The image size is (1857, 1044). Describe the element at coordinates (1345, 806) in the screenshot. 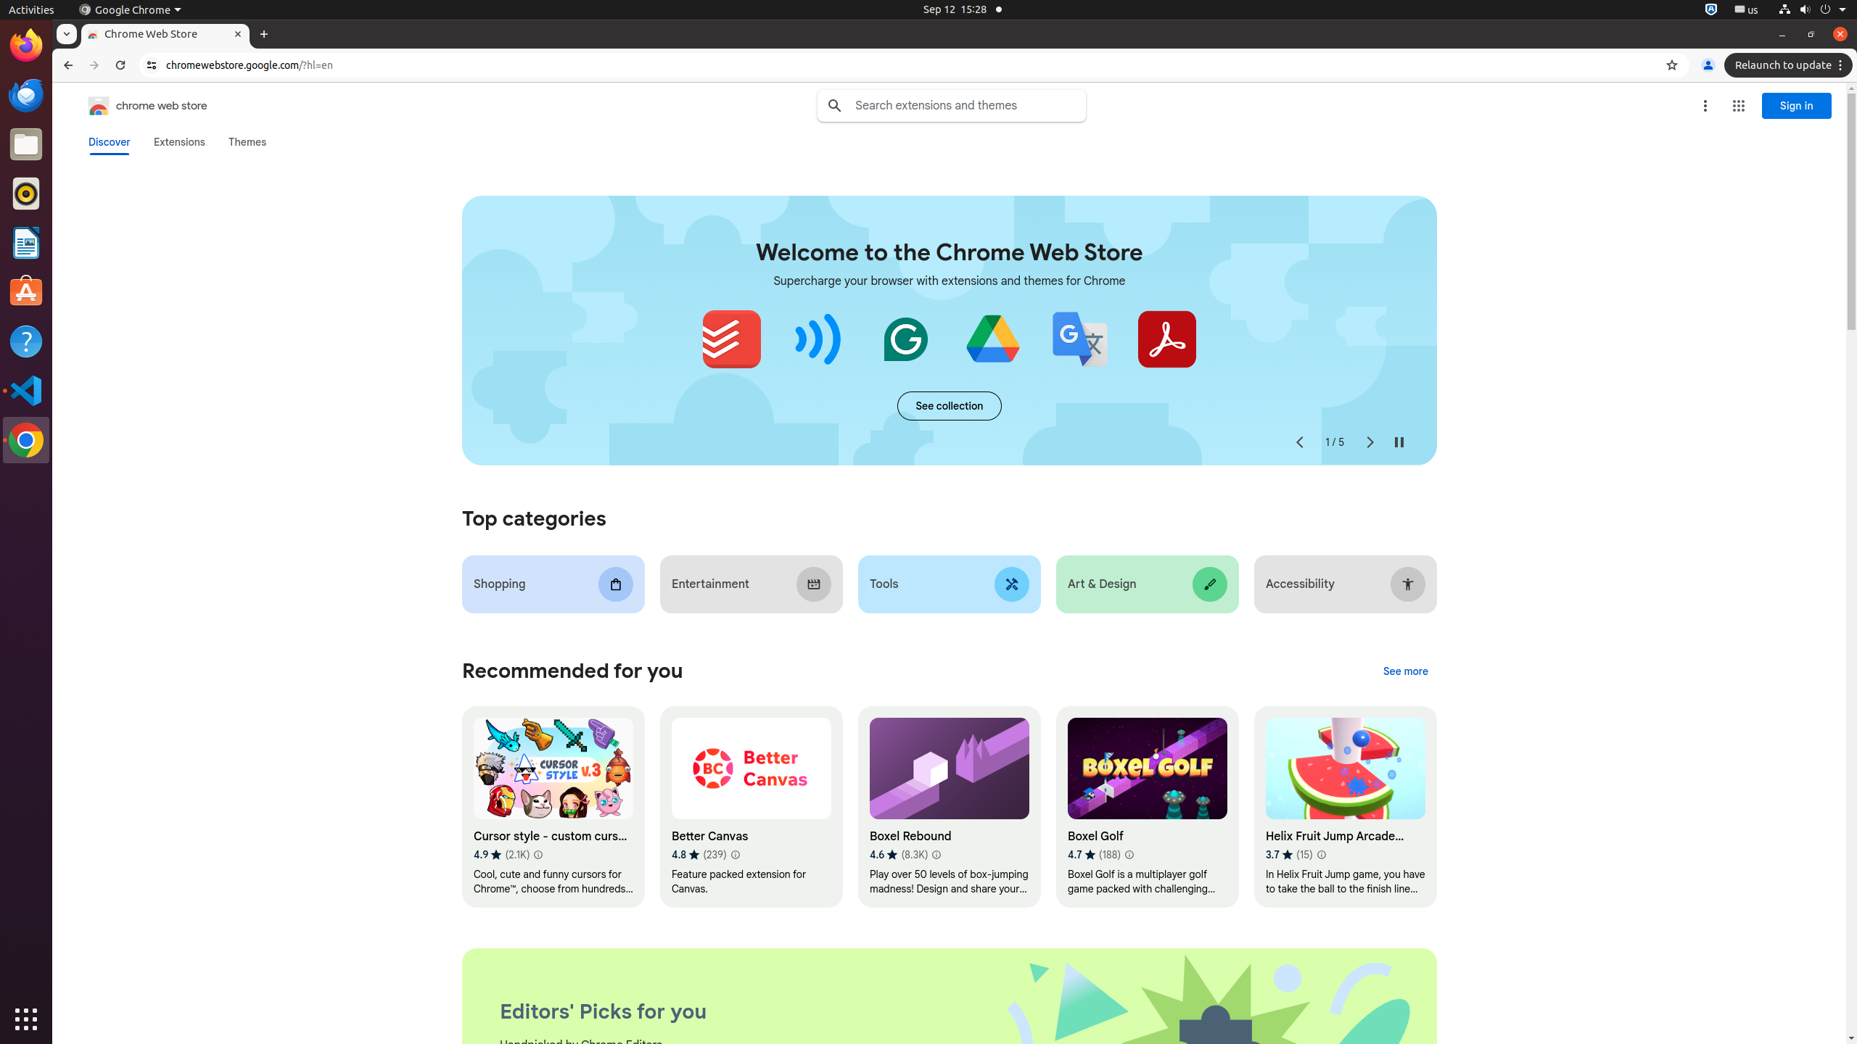

I see `'Helix Fruit Jump Arcade Game'` at that location.